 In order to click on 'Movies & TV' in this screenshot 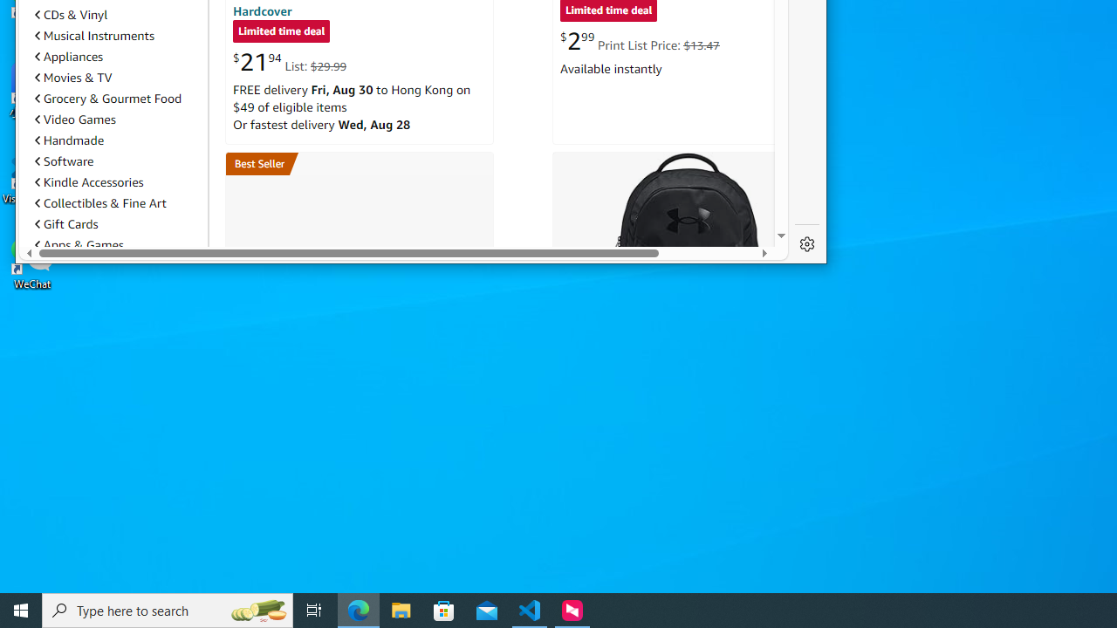, I will do `click(117, 77)`.